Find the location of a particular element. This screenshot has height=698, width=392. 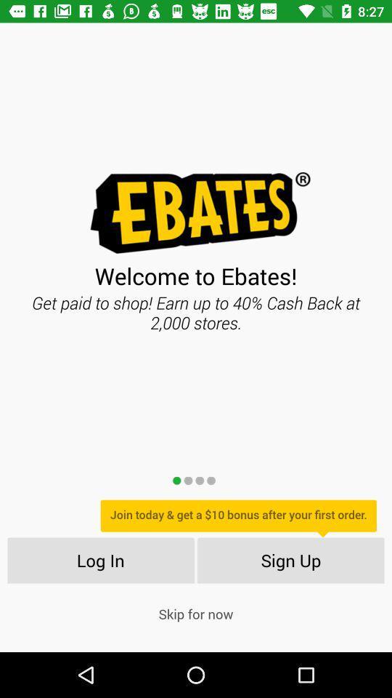

icon at the bottom left corner is located at coordinates (99, 559).